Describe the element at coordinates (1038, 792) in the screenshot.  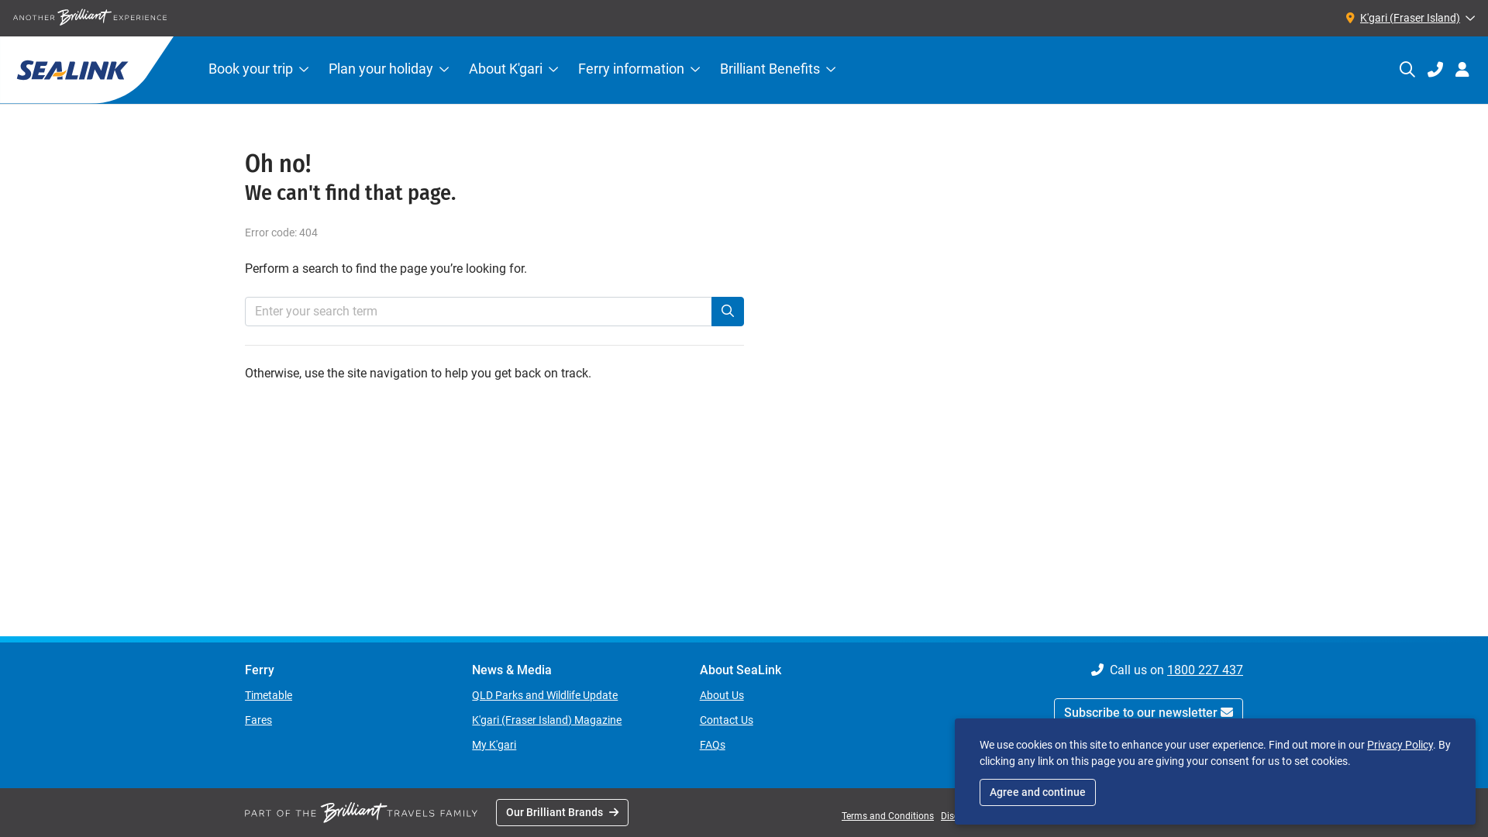
I see `'Agree and continue'` at that location.